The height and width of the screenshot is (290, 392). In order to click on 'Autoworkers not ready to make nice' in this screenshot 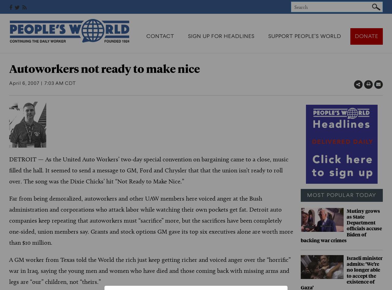, I will do `click(104, 68)`.